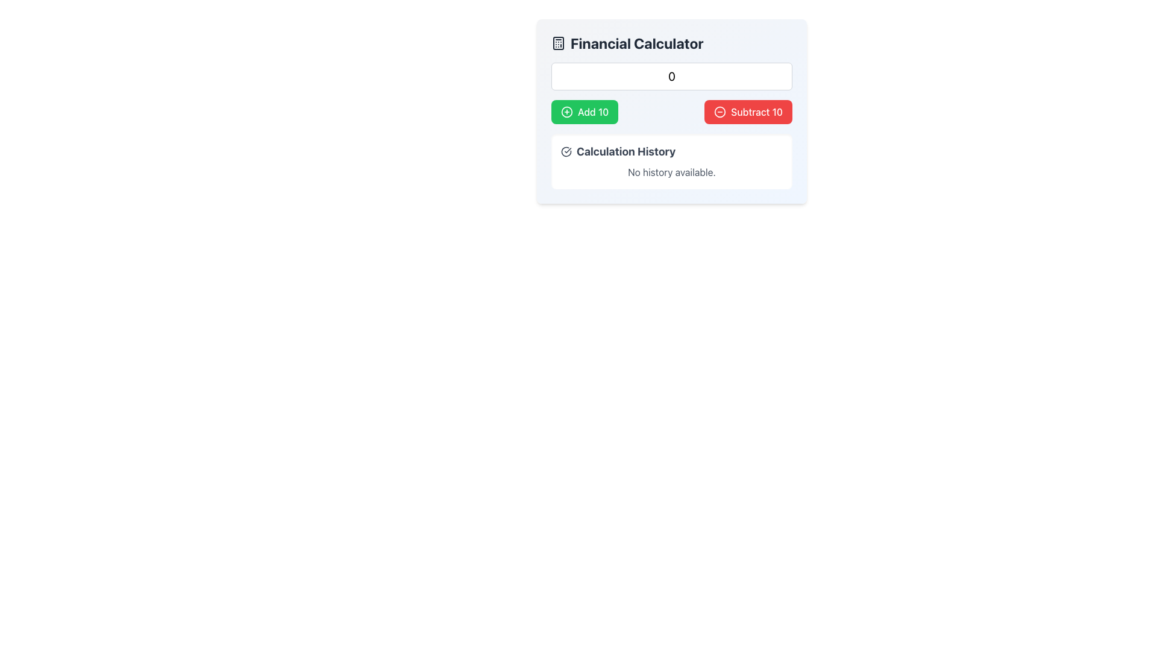 The height and width of the screenshot is (651, 1157). Describe the element at coordinates (557, 43) in the screenshot. I see `the calculator icon that visually complements the label 'Financial Calculator' to the left` at that location.